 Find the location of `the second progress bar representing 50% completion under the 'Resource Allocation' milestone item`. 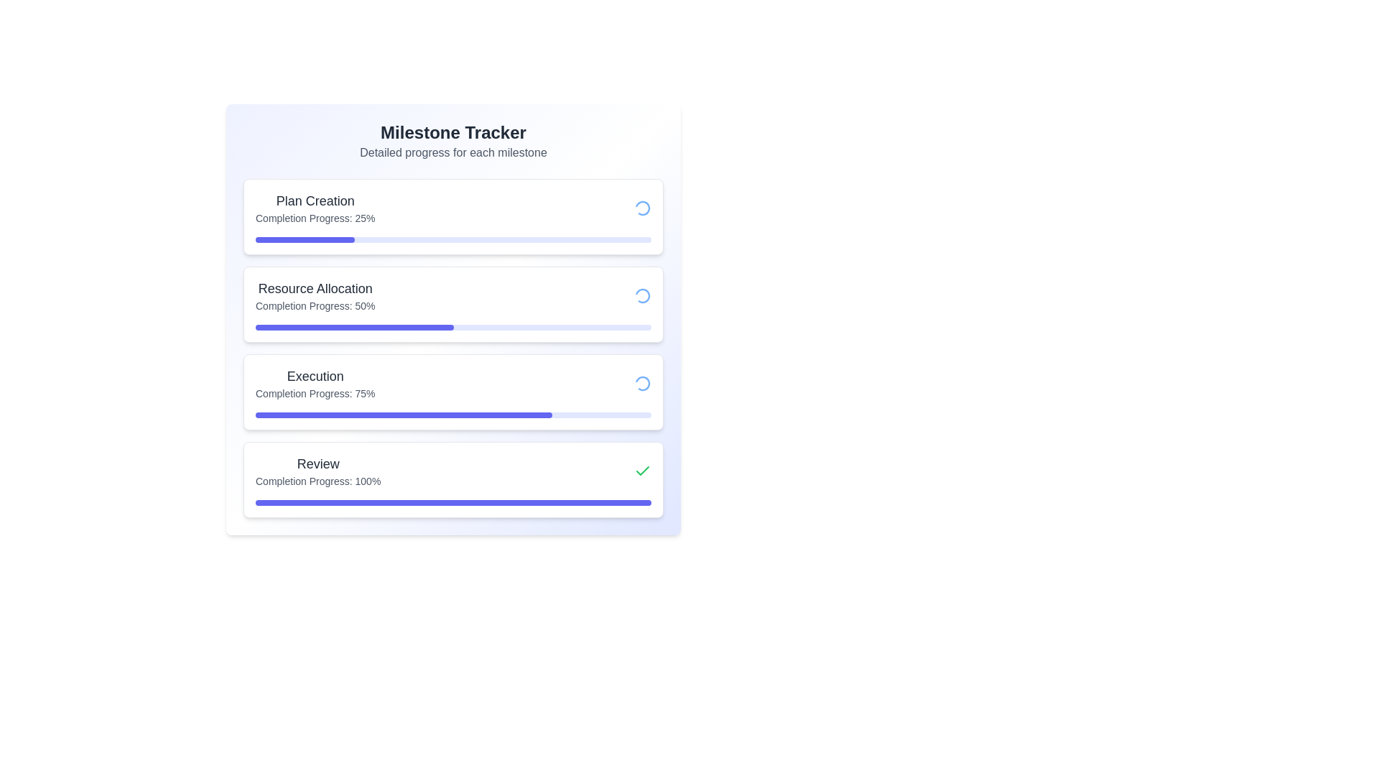

the second progress bar representing 50% completion under the 'Resource Allocation' milestone item is located at coordinates (354, 327).